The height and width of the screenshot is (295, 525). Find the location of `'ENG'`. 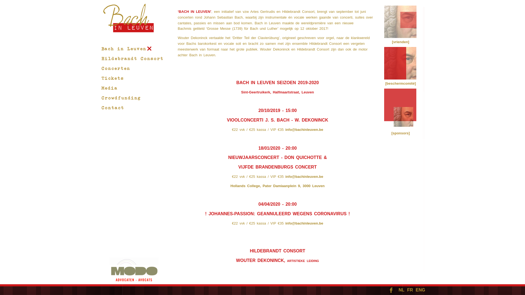

'ENG' is located at coordinates (419, 290).